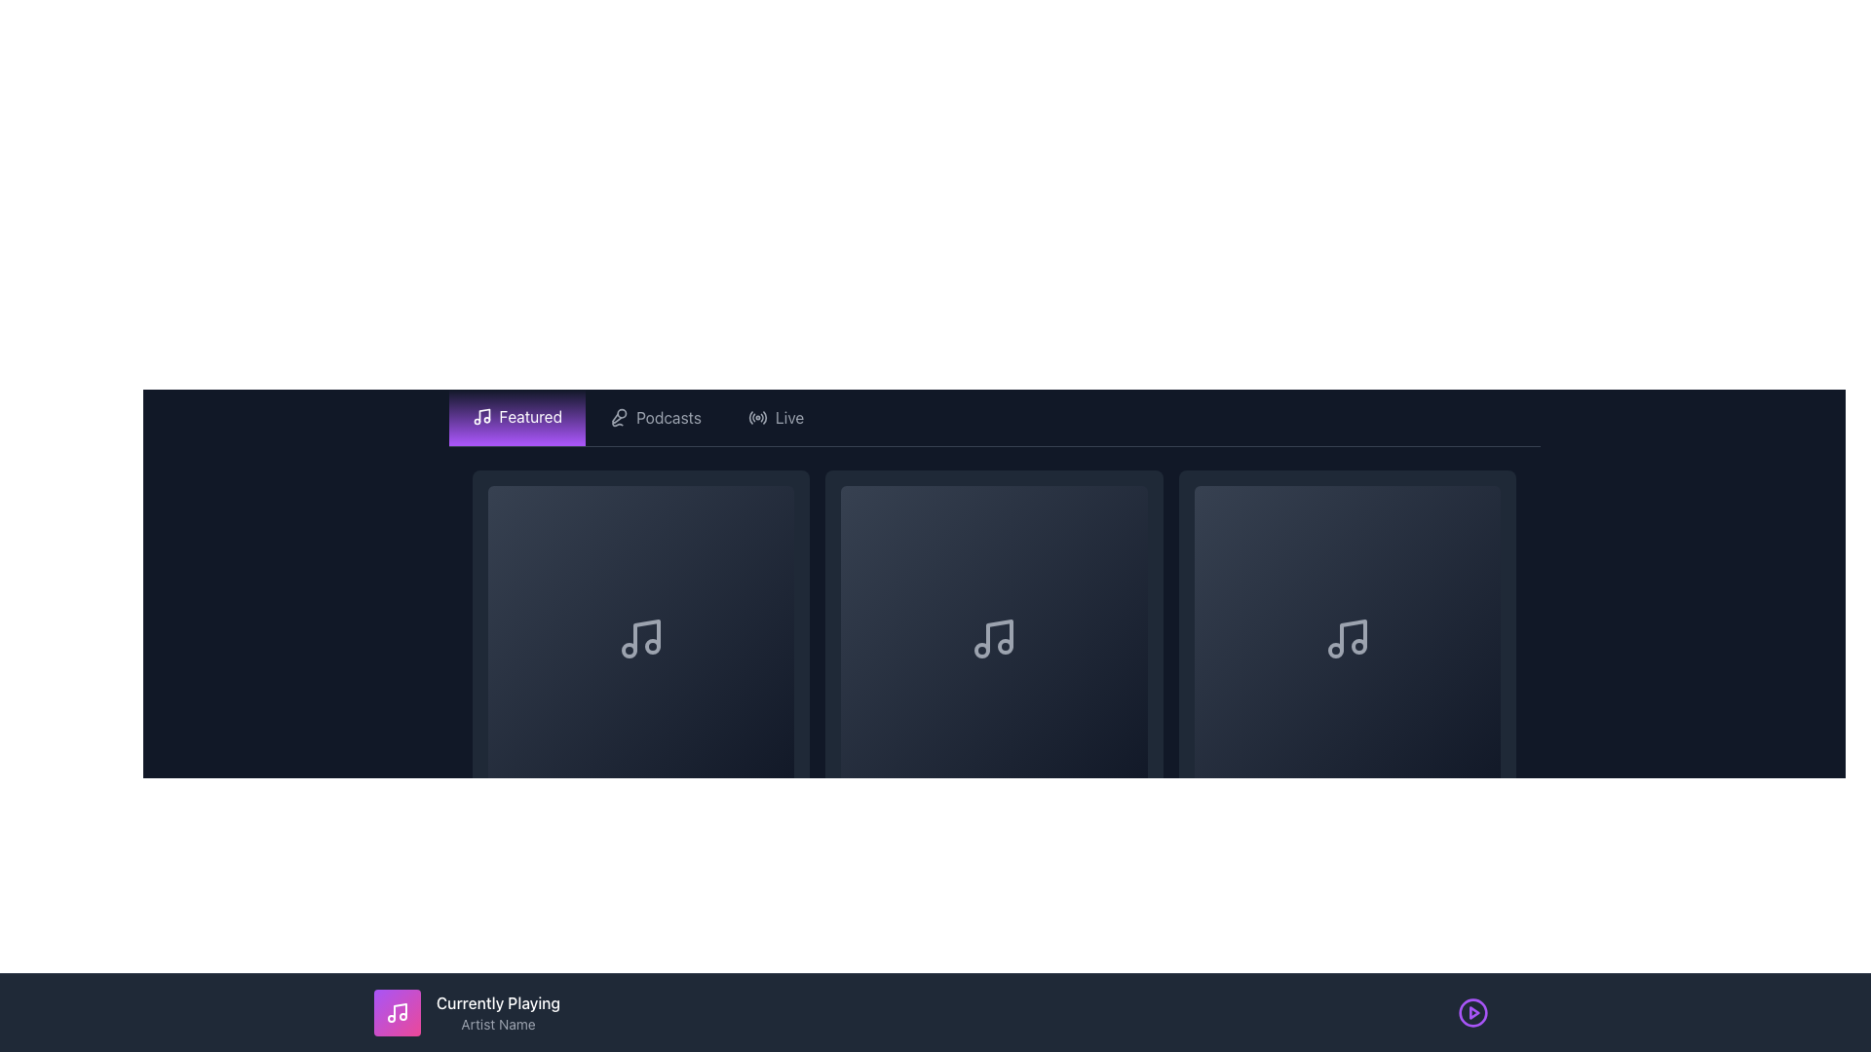 The height and width of the screenshot is (1052, 1871). Describe the element at coordinates (775, 416) in the screenshot. I see `the navigation button that directs users to the 'Live' section, located in the third position of the horizontal navigation bar` at that location.